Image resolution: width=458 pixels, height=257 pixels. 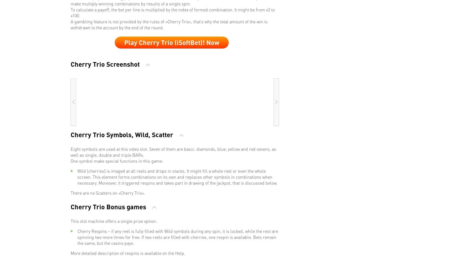 What do you see at coordinates (108, 192) in the screenshot?
I see `'There are no Scatters on «Cherry Trio».'` at bounding box center [108, 192].